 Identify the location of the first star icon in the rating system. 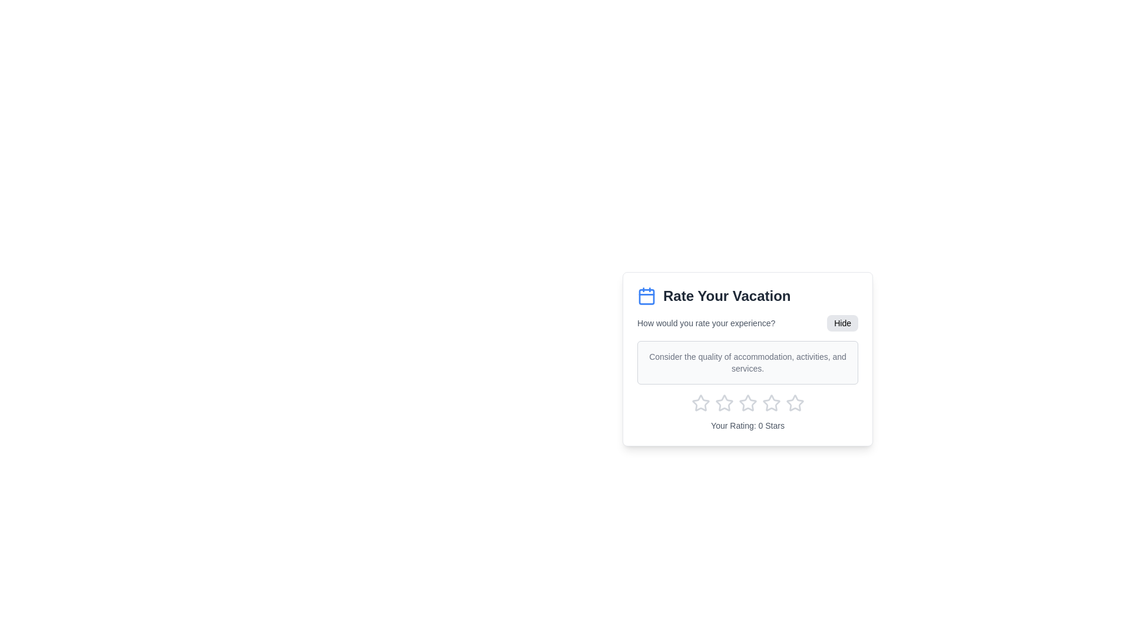
(700, 402).